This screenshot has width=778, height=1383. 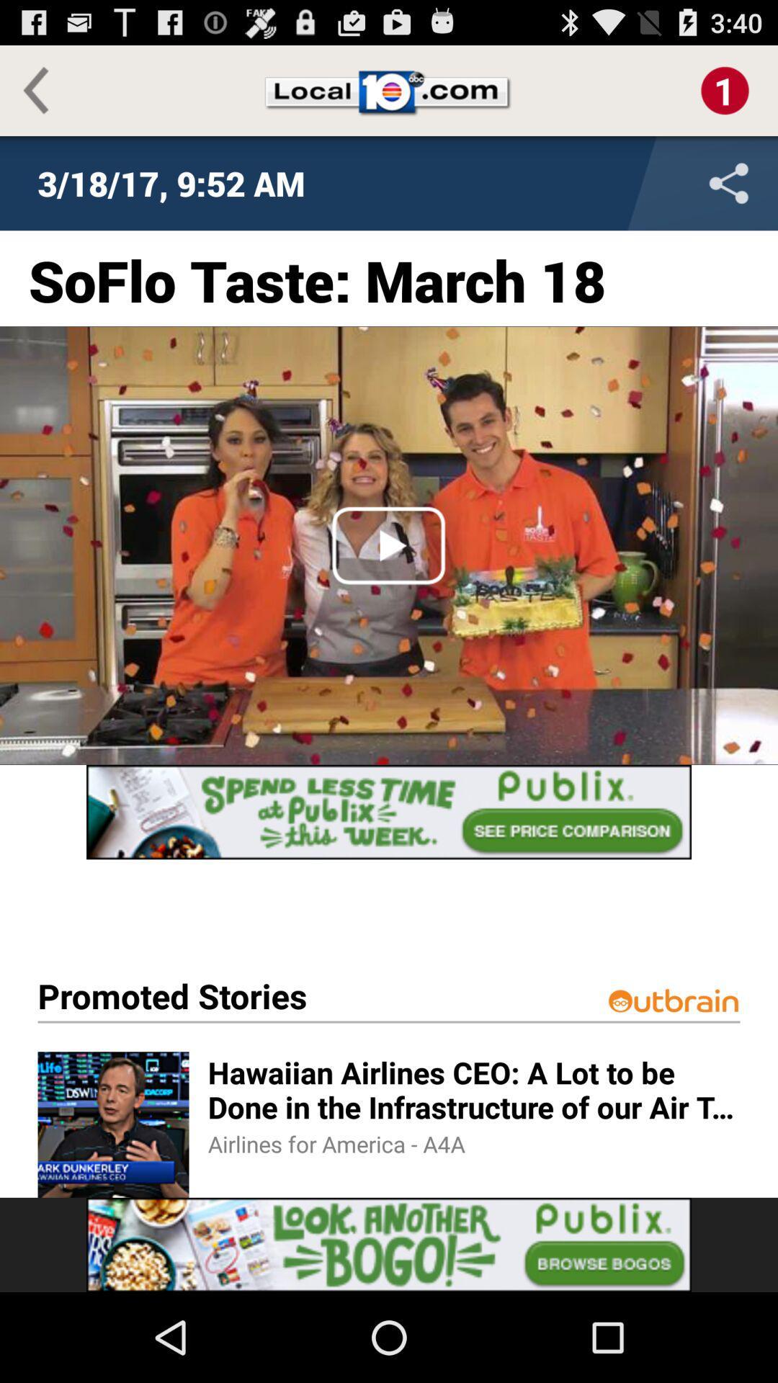 What do you see at coordinates (725, 89) in the screenshot?
I see `open news notifications` at bounding box center [725, 89].